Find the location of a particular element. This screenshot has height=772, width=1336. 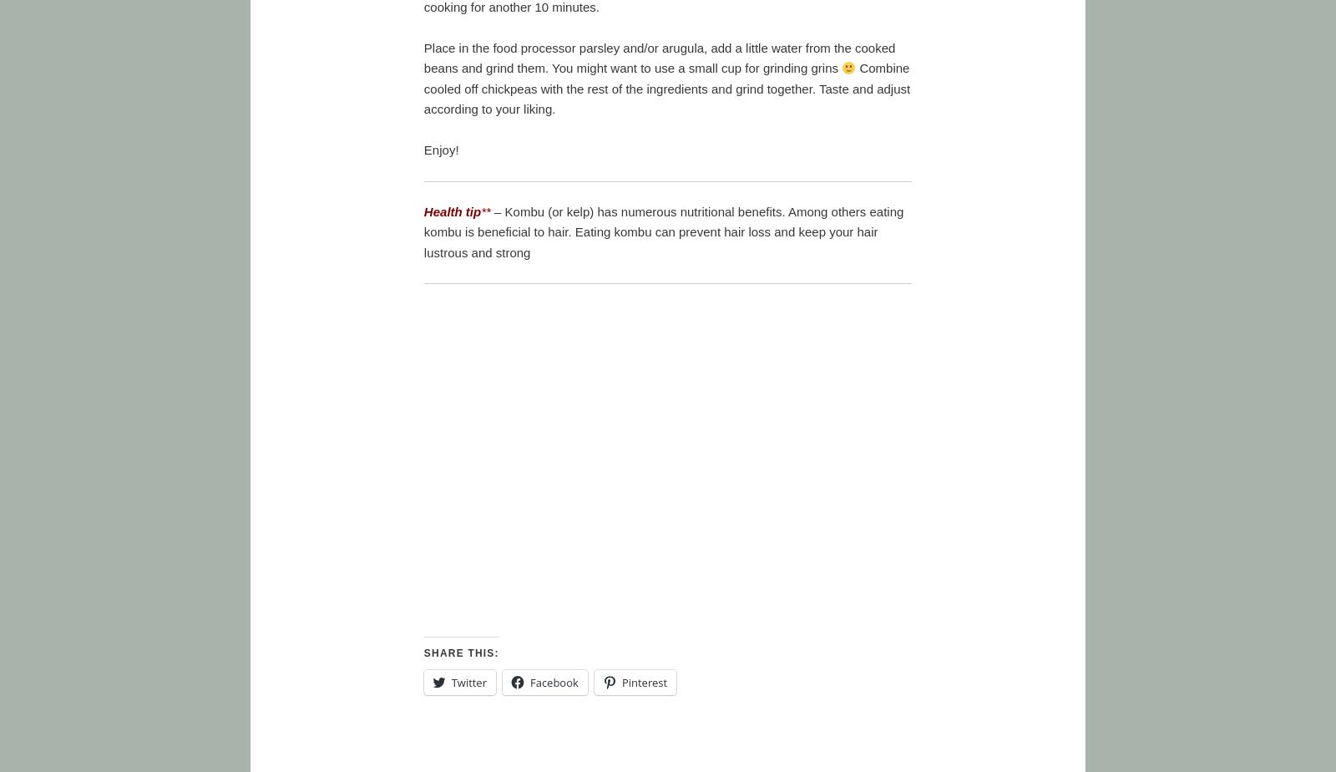

'Pinterest' is located at coordinates (644, 681).